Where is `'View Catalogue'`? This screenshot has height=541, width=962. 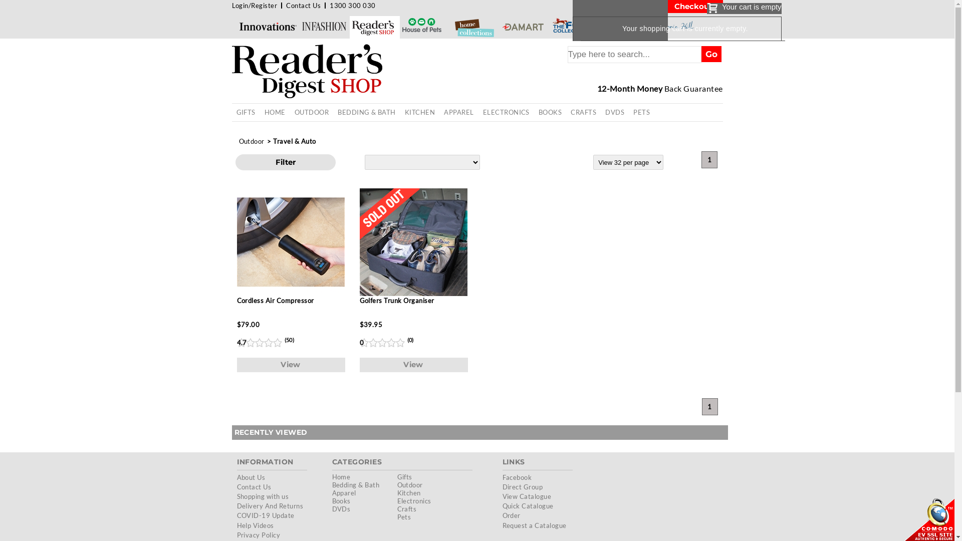
'View Catalogue' is located at coordinates (526, 496).